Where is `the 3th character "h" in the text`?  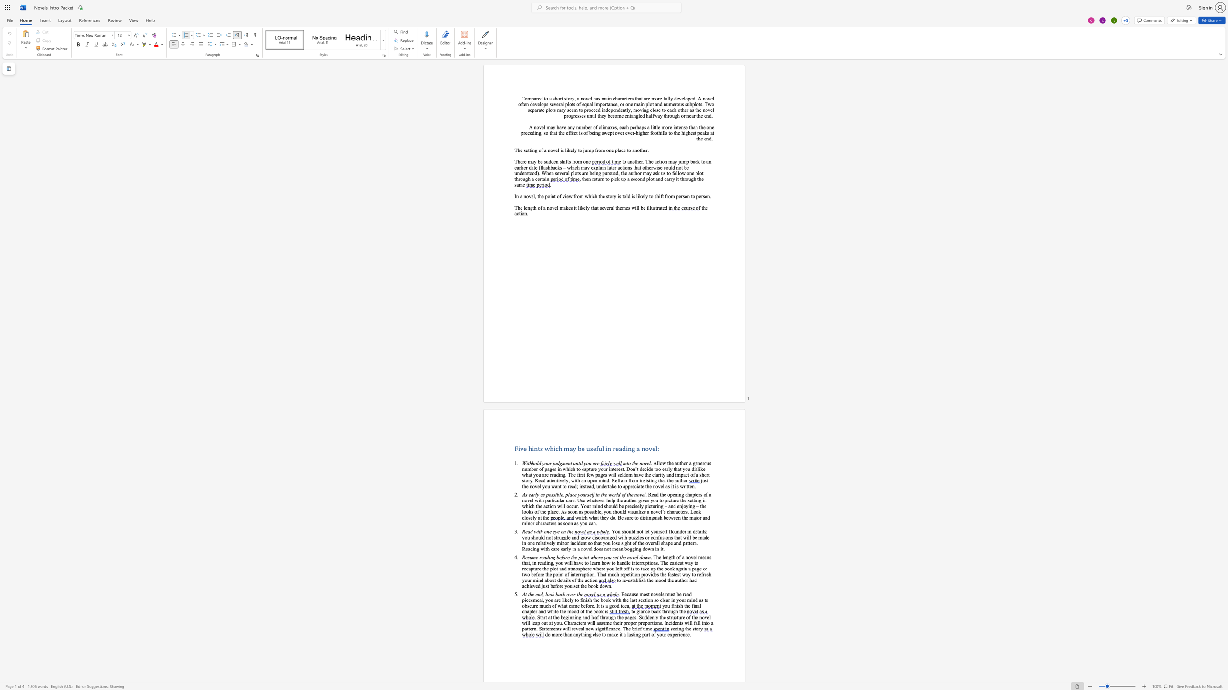 the 3th character "h" in the text is located at coordinates (603, 518).